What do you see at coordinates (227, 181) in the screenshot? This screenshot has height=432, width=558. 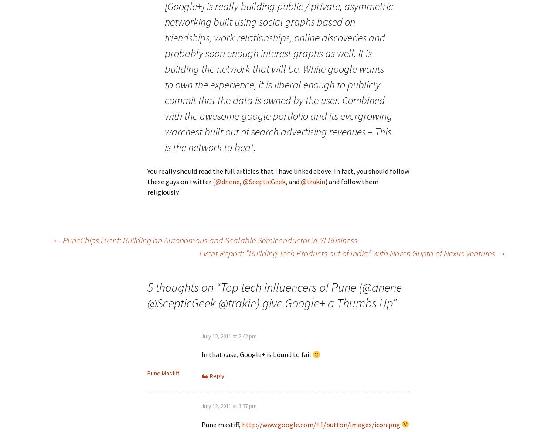 I see `'@dnene'` at bounding box center [227, 181].